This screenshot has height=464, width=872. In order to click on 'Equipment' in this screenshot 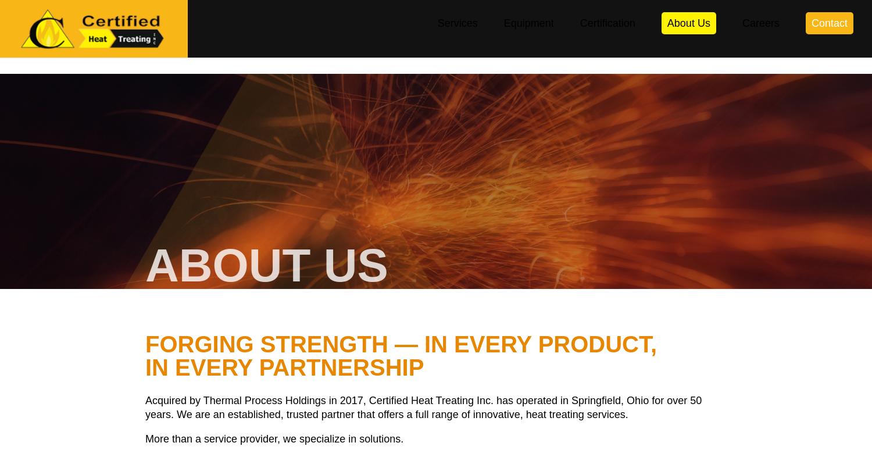, I will do `click(528, 40)`.